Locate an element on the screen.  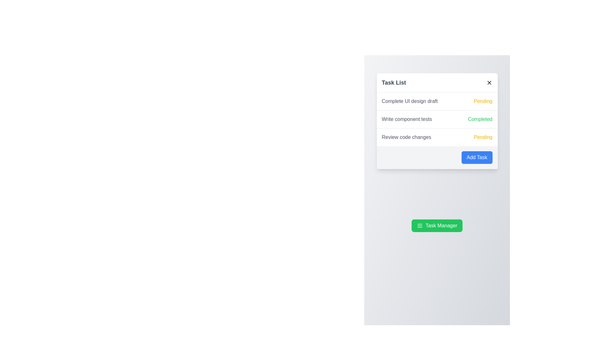
the 'Completed' text label, which is styled with a green font color and medium font weight, located in the right column next to 'Write component tests' is located at coordinates (480, 119).